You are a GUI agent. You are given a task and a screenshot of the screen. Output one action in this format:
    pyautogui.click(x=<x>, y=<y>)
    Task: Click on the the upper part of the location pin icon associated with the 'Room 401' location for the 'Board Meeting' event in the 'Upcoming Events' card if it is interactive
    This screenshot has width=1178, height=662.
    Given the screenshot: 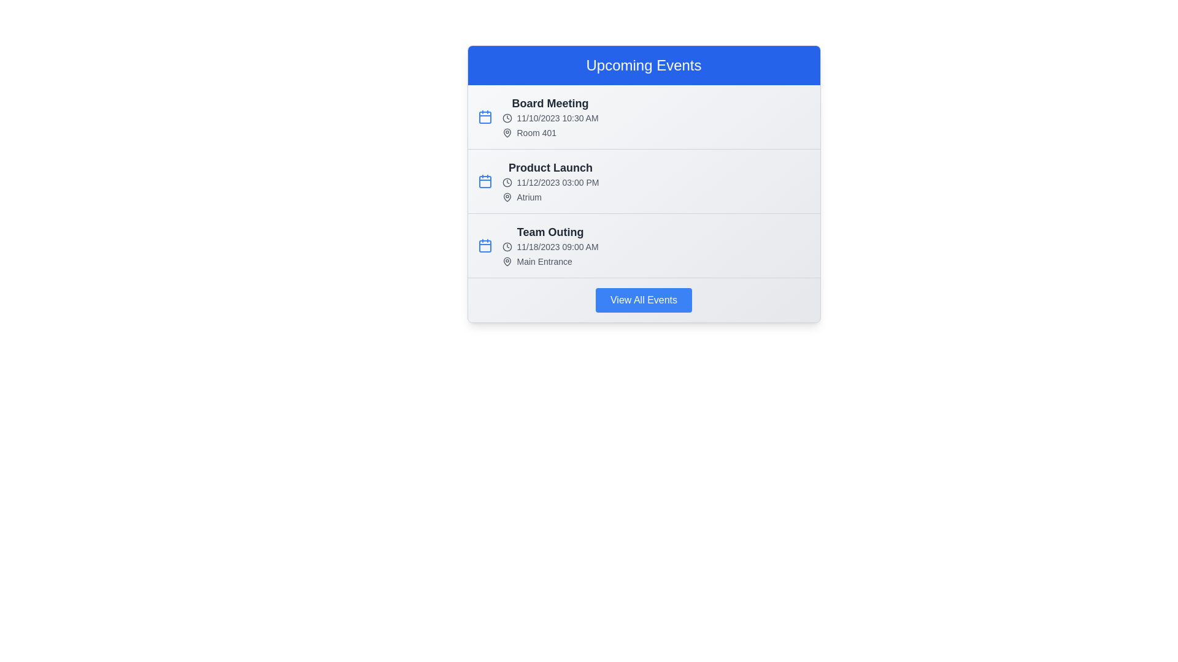 What is the action you would take?
    pyautogui.click(x=507, y=132)
    